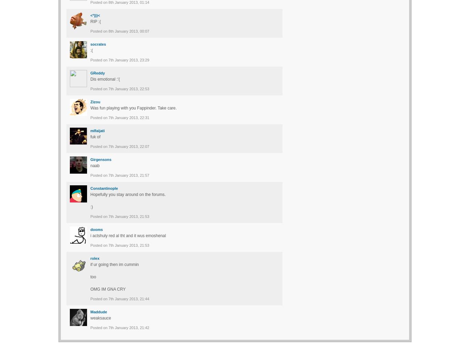 The height and width of the screenshot is (349, 470). What do you see at coordinates (98, 44) in the screenshot?
I see `'socrates'` at bounding box center [98, 44].